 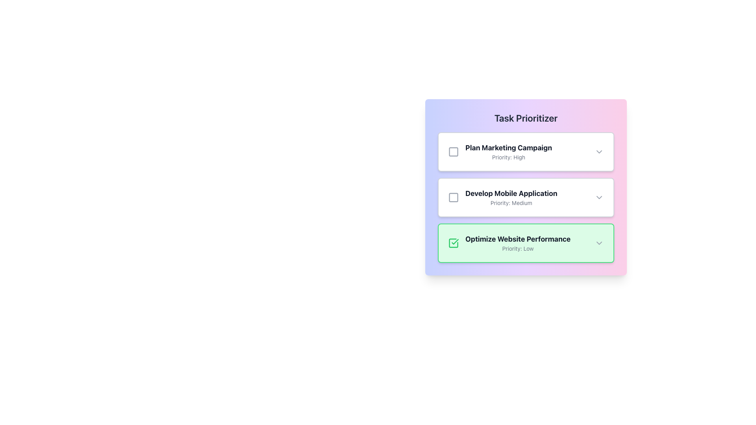 What do you see at coordinates (455, 241) in the screenshot?
I see `assistive technologies` at bounding box center [455, 241].